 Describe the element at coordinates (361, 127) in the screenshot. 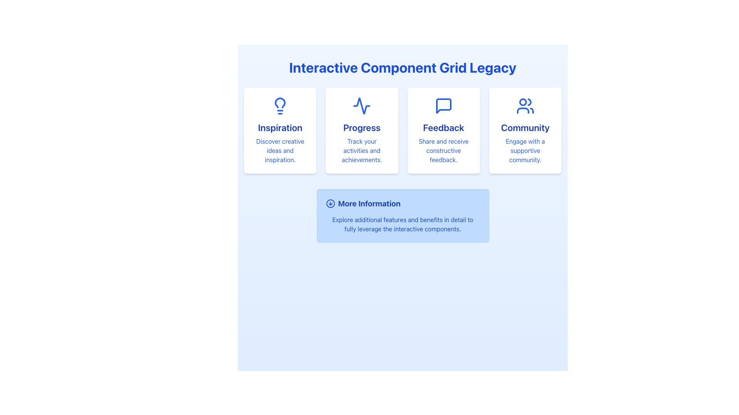

I see `the text label indicating the theme or purpose of the second card from the left in the horizontal row of four cards for copy-pasting` at that location.